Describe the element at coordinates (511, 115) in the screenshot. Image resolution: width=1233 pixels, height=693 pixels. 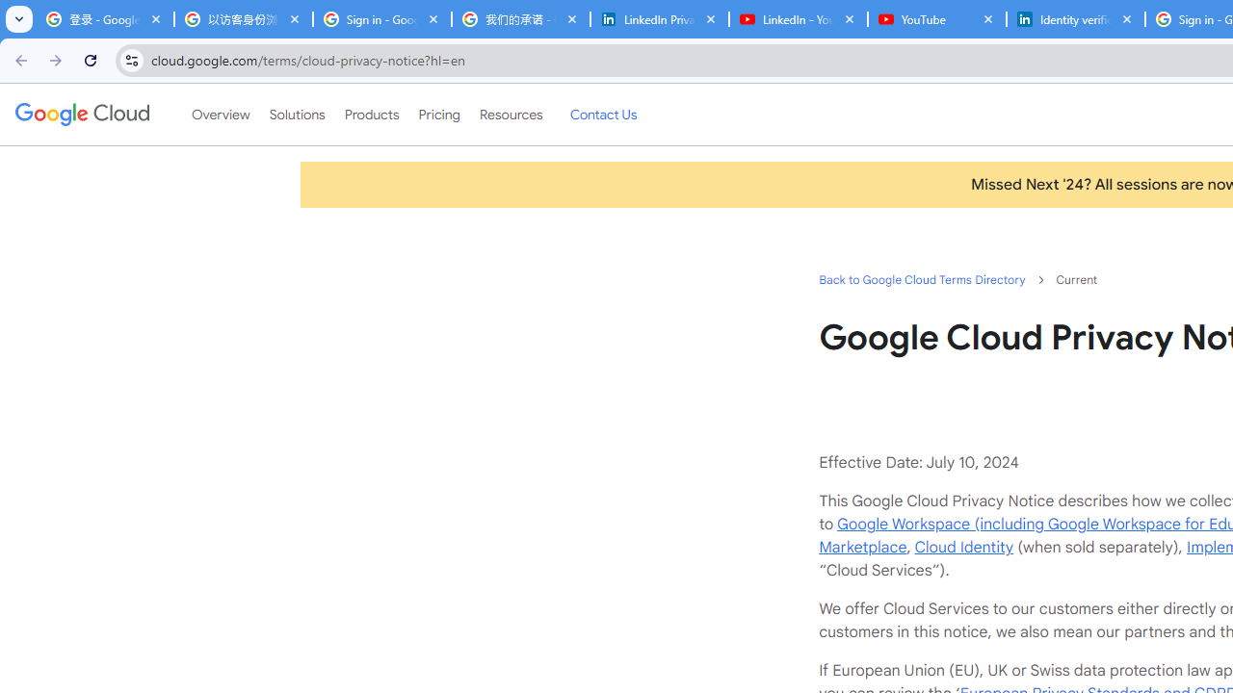
I see `'Resources'` at that location.